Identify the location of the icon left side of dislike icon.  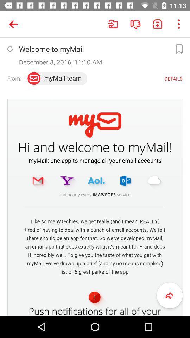
(113, 24).